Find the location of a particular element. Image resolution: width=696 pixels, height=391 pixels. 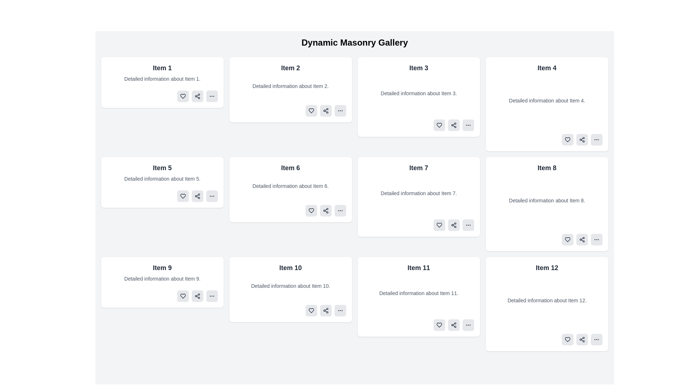

the 'like' or 'favorite' button located at the bottom left of the 'Item 1' card is located at coordinates (183, 96).